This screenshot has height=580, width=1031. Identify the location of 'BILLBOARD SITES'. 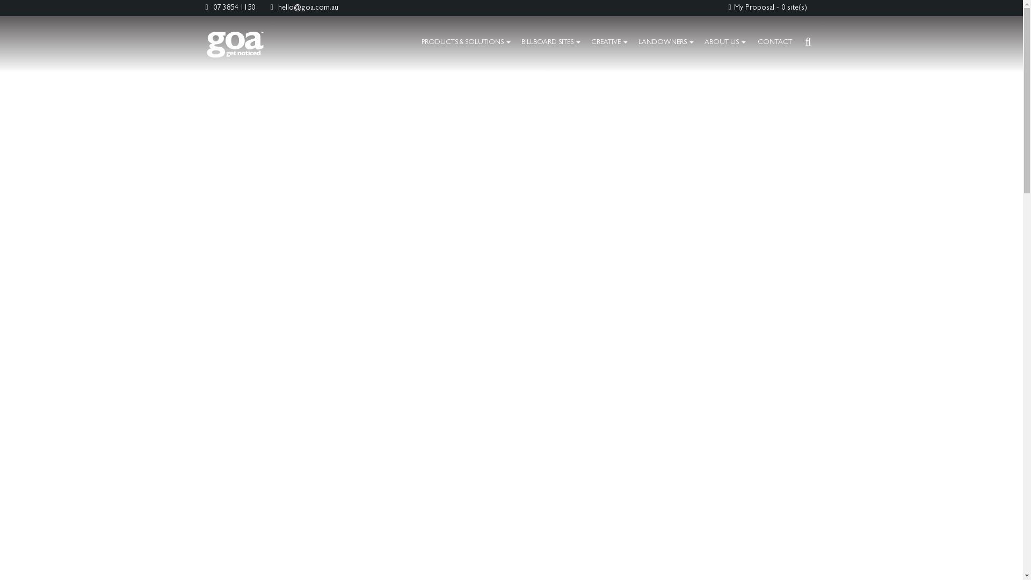
(551, 42).